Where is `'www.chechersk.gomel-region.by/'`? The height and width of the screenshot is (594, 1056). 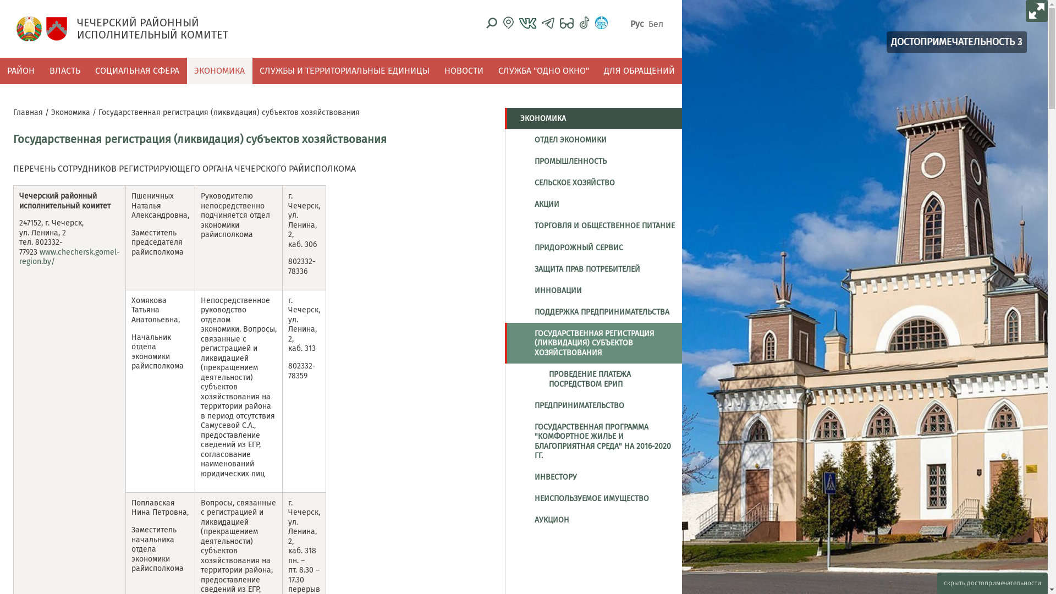 'www.chechersk.gomel-region.by/' is located at coordinates (69, 257).